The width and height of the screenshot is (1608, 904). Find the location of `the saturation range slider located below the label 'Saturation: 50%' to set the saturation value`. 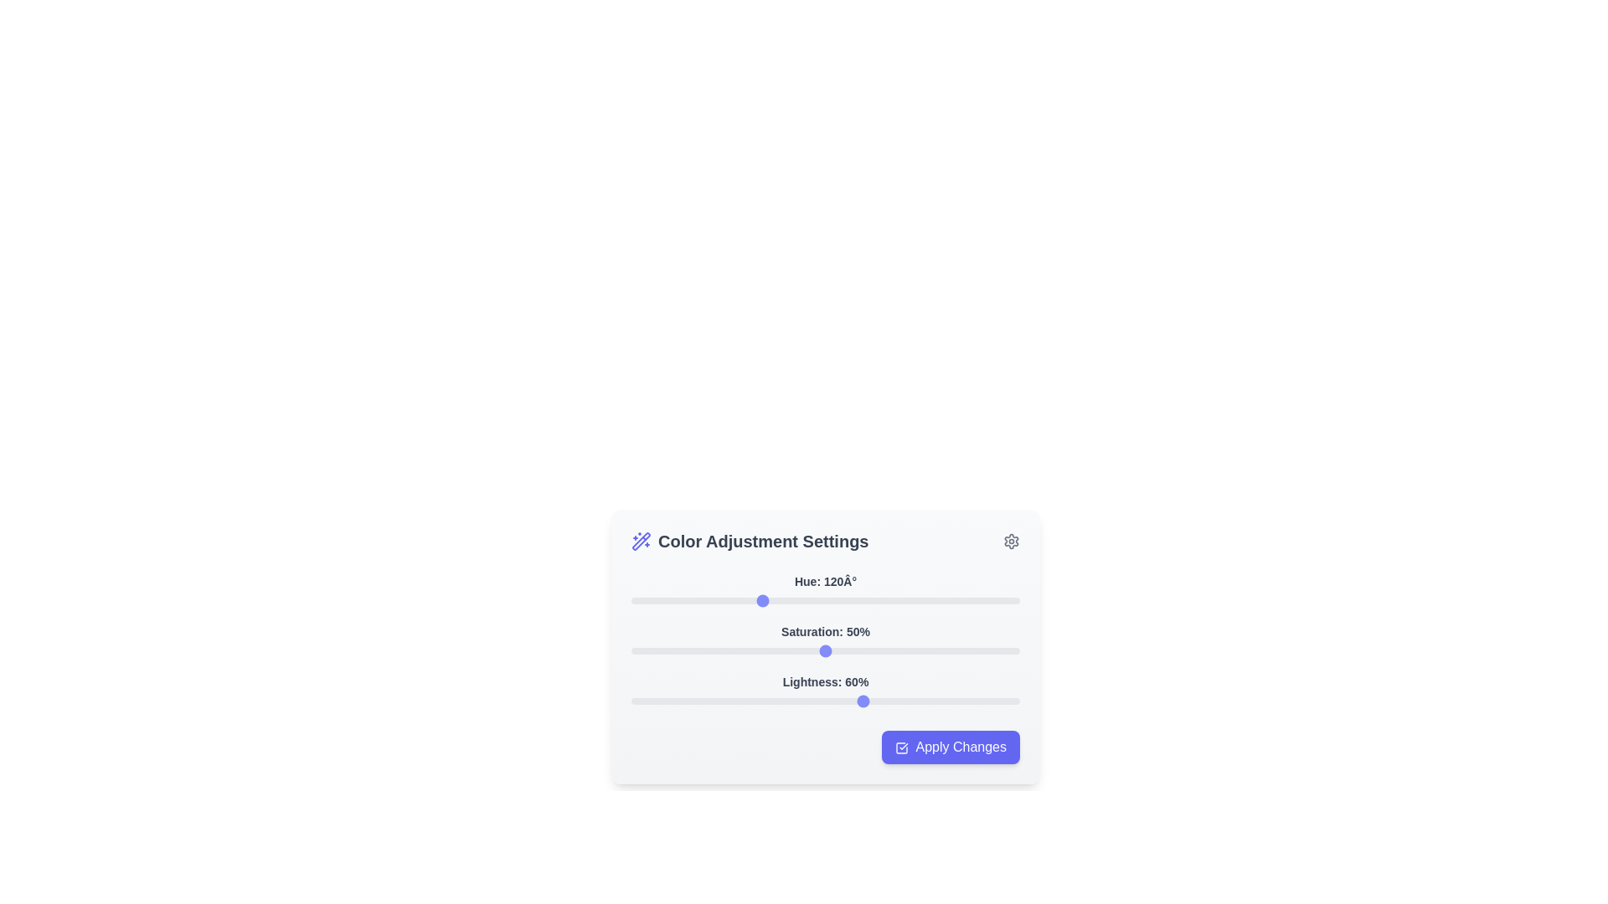

the saturation range slider located below the label 'Saturation: 50%' to set the saturation value is located at coordinates (825, 650).